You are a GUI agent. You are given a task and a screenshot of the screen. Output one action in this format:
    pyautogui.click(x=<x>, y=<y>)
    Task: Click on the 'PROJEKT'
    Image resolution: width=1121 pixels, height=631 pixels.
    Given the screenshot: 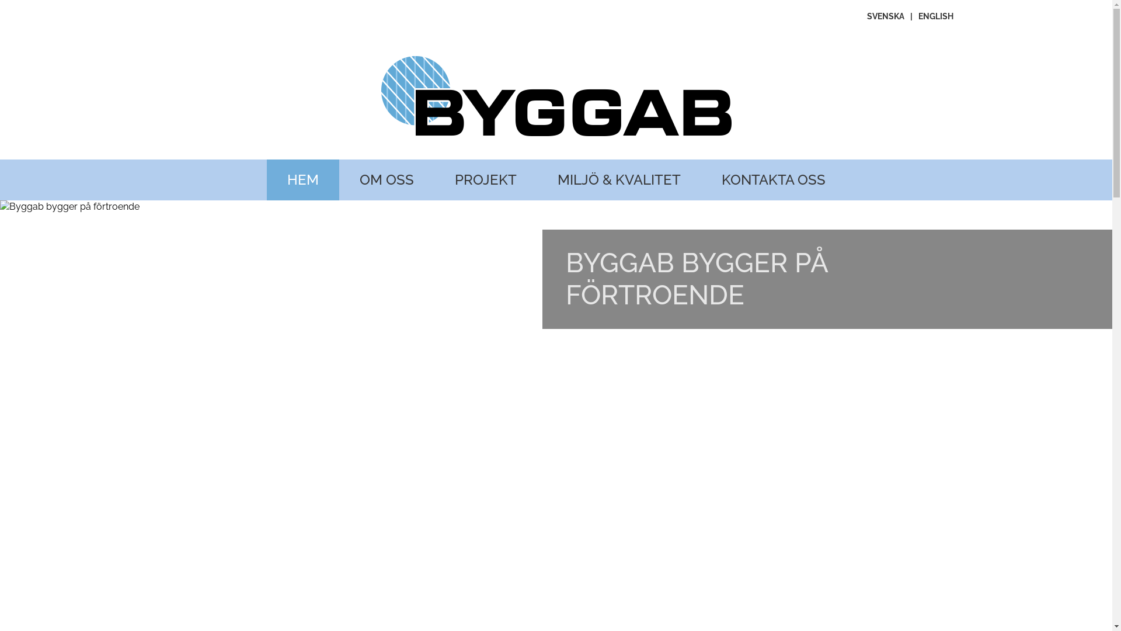 What is the action you would take?
    pyautogui.click(x=485, y=180)
    